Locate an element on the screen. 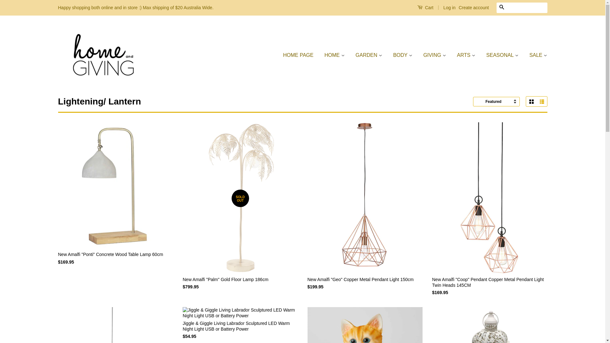  'Log in' is located at coordinates (449, 7).